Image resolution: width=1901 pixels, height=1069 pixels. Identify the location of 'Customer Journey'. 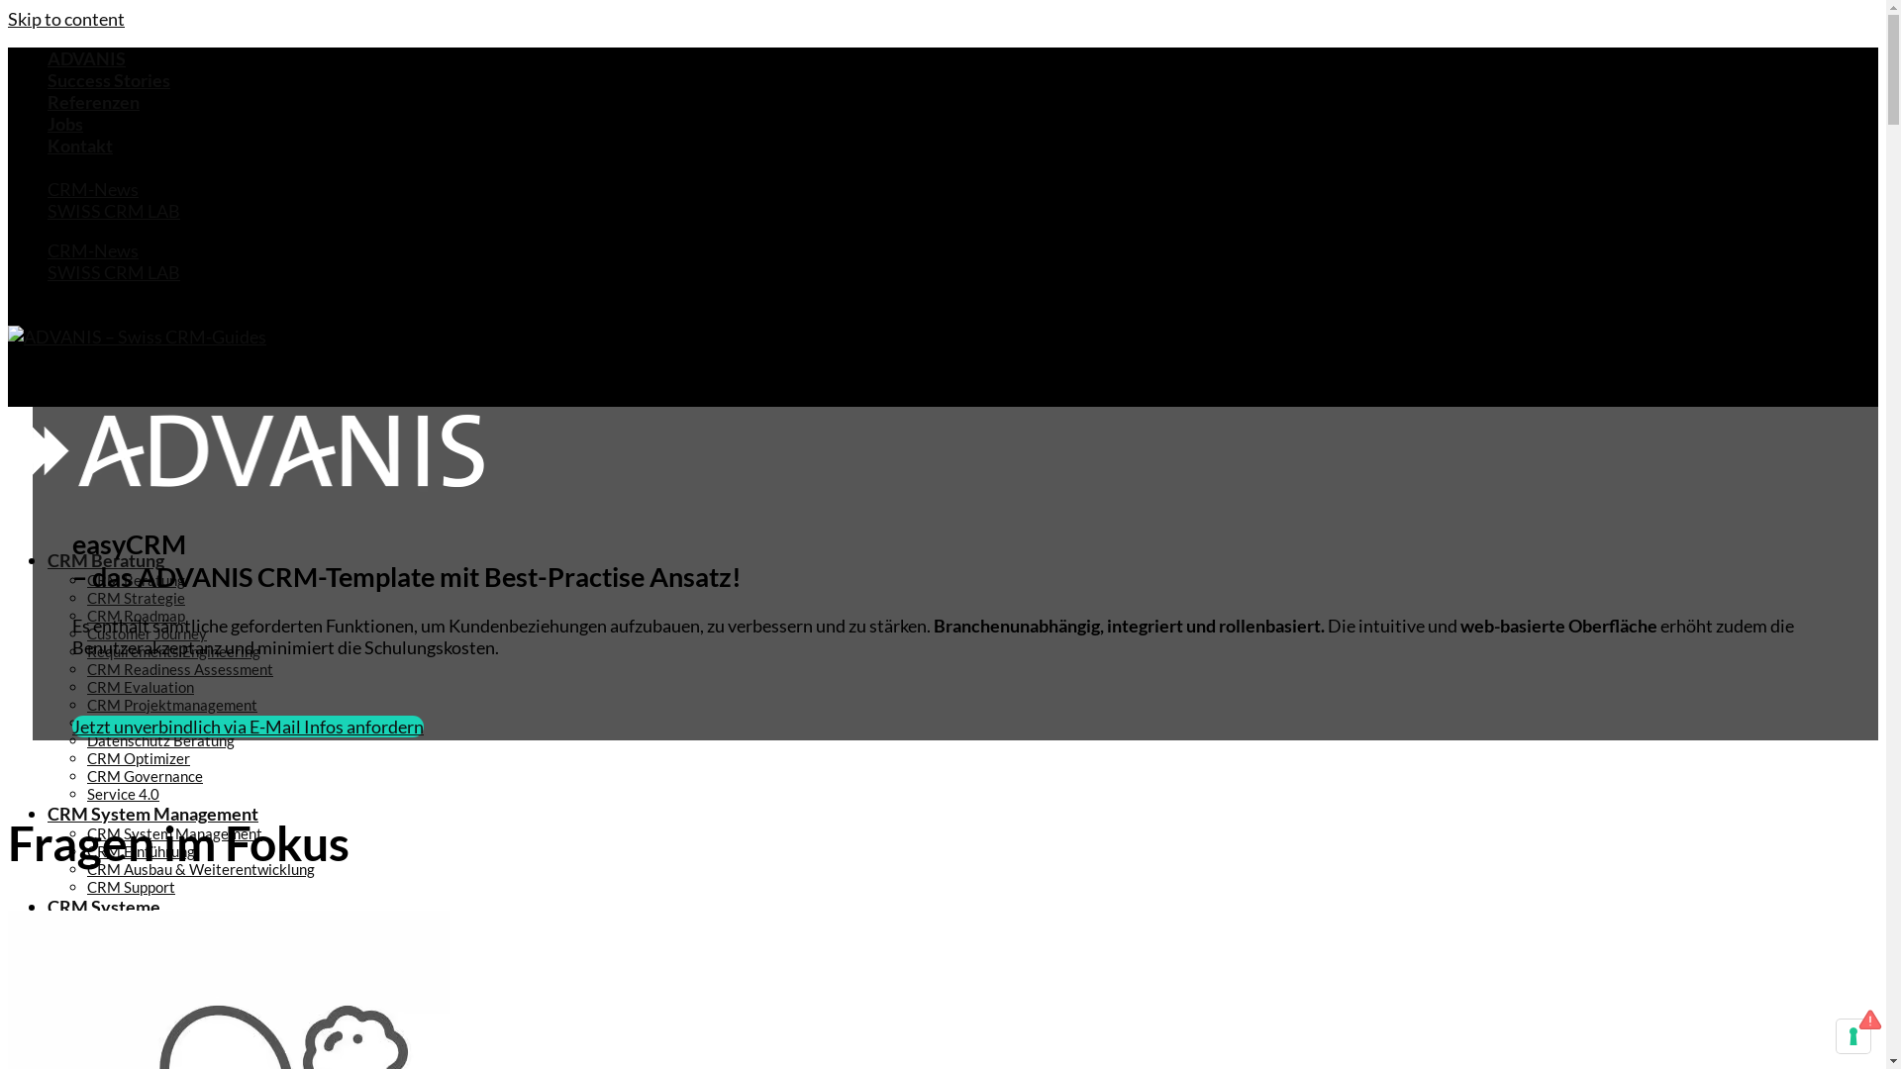
(146, 633).